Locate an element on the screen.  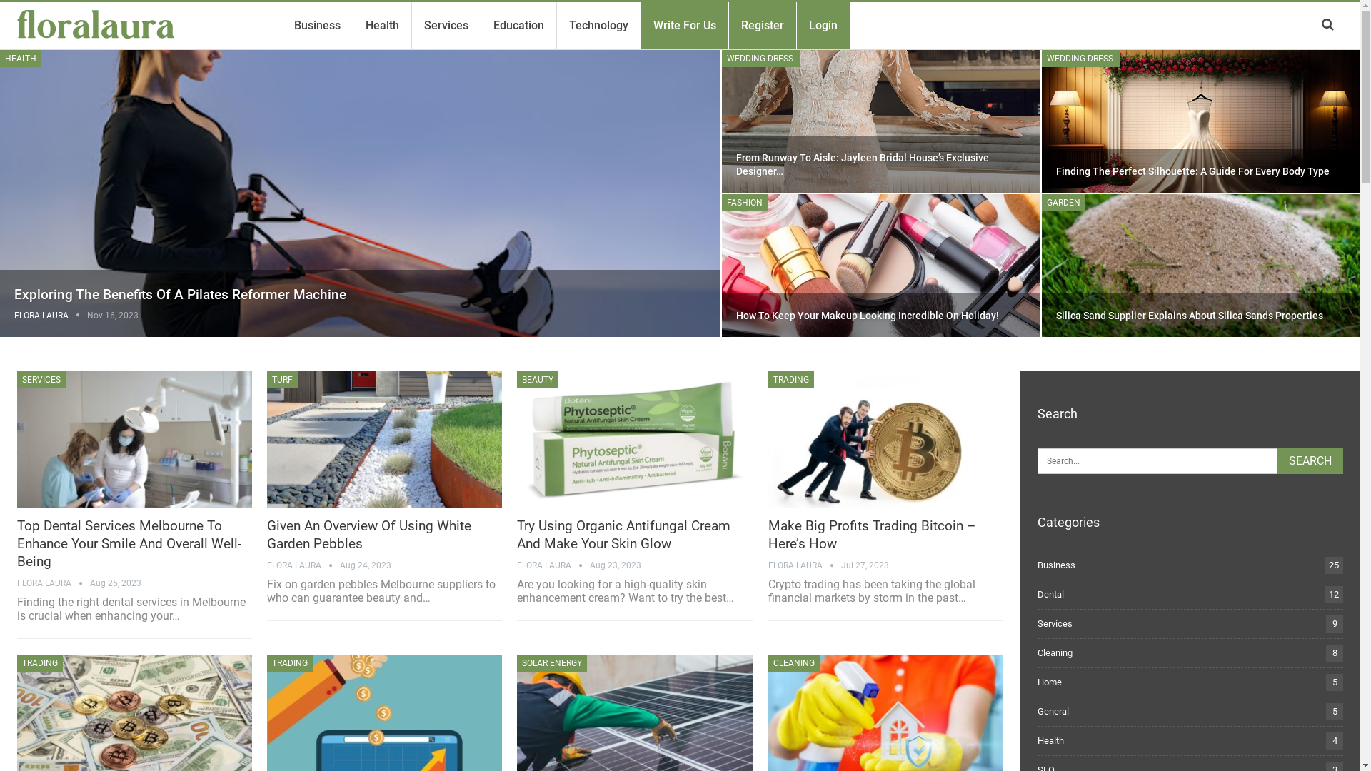
'Dental is located at coordinates (1050, 594).